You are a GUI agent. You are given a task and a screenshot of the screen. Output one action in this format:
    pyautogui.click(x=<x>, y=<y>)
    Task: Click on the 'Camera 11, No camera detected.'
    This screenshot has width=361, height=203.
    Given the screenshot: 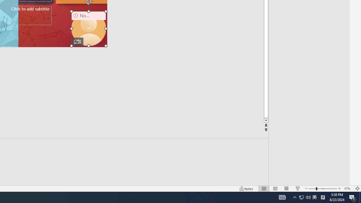 What is the action you would take?
    pyautogui.click(x=88, y=28)
    